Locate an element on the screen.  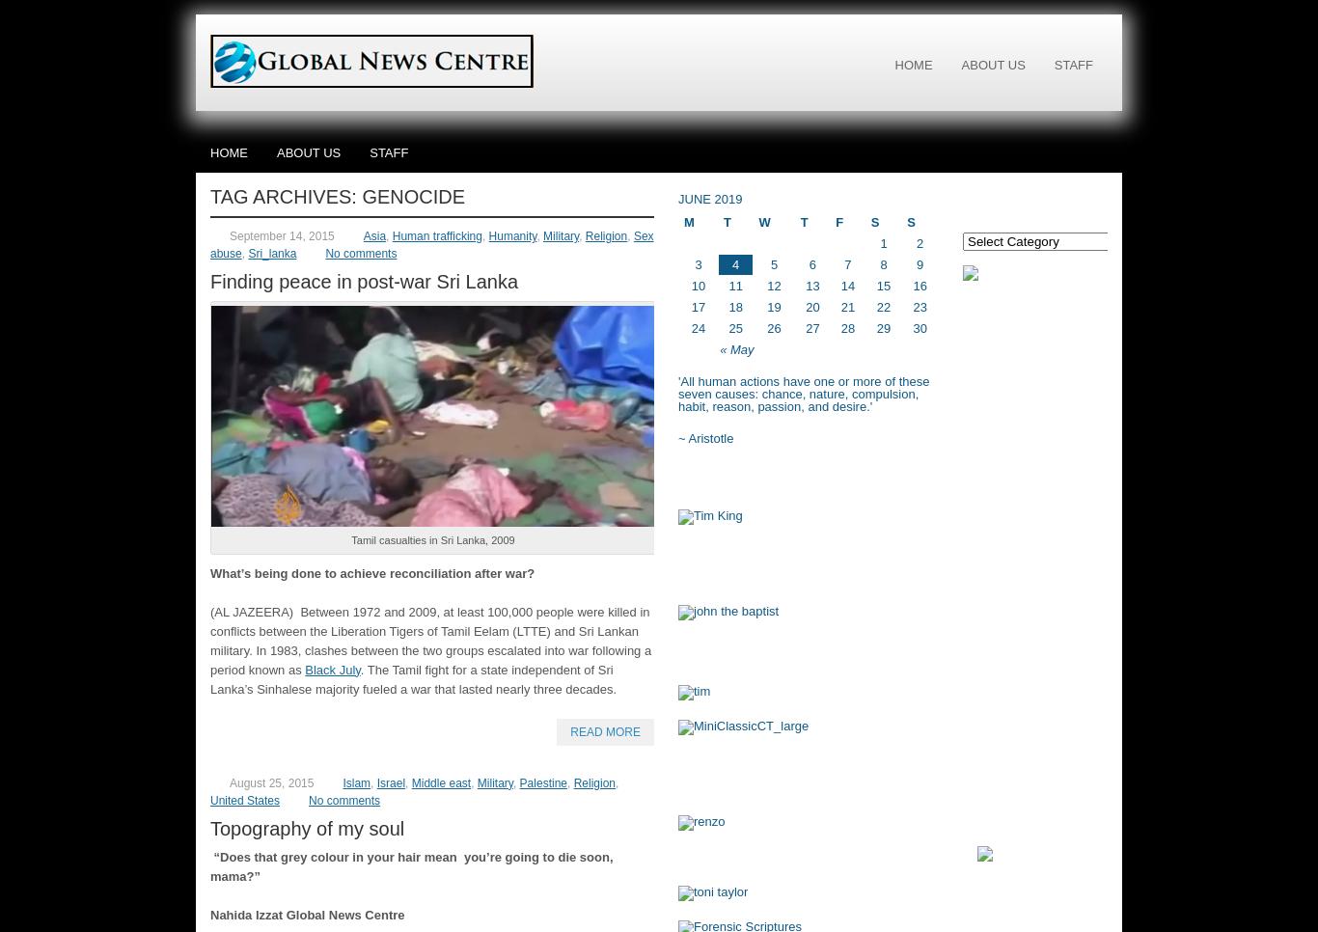
'10' is located at coordinates (698, 285).